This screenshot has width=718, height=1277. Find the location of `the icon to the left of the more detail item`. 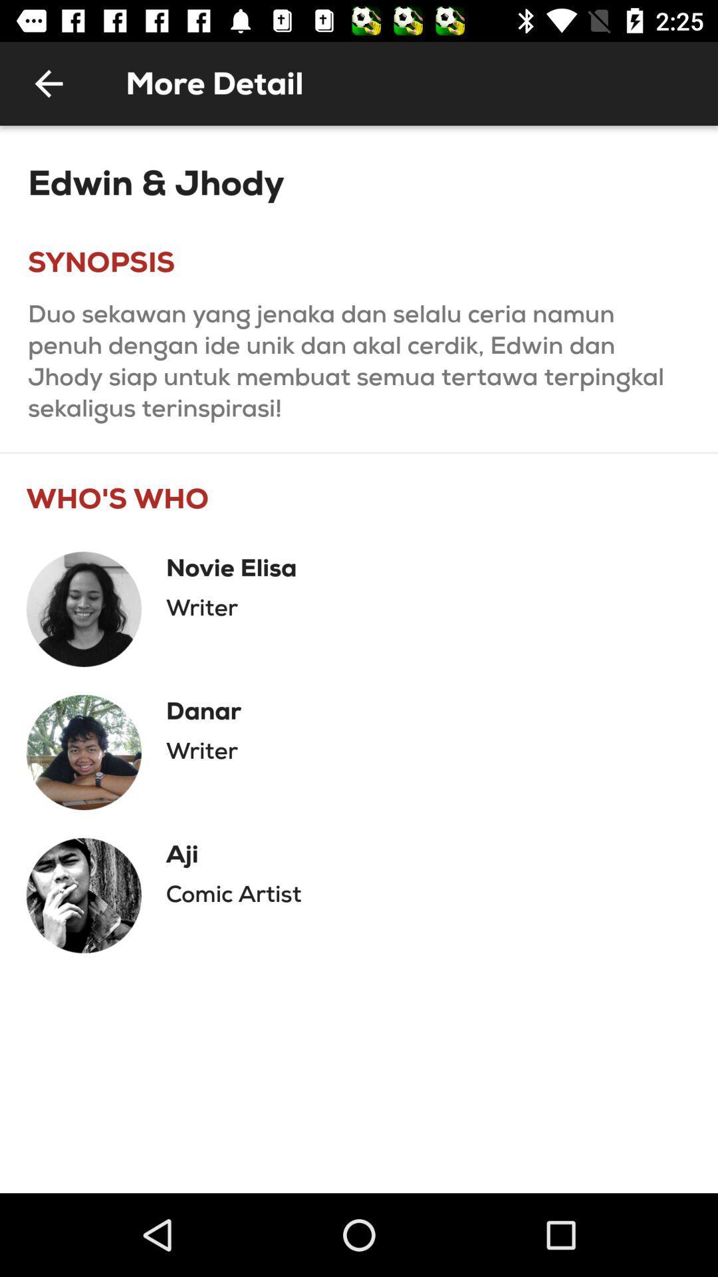

the icon to the left of the more detail item is located at coordinates (48, 82).